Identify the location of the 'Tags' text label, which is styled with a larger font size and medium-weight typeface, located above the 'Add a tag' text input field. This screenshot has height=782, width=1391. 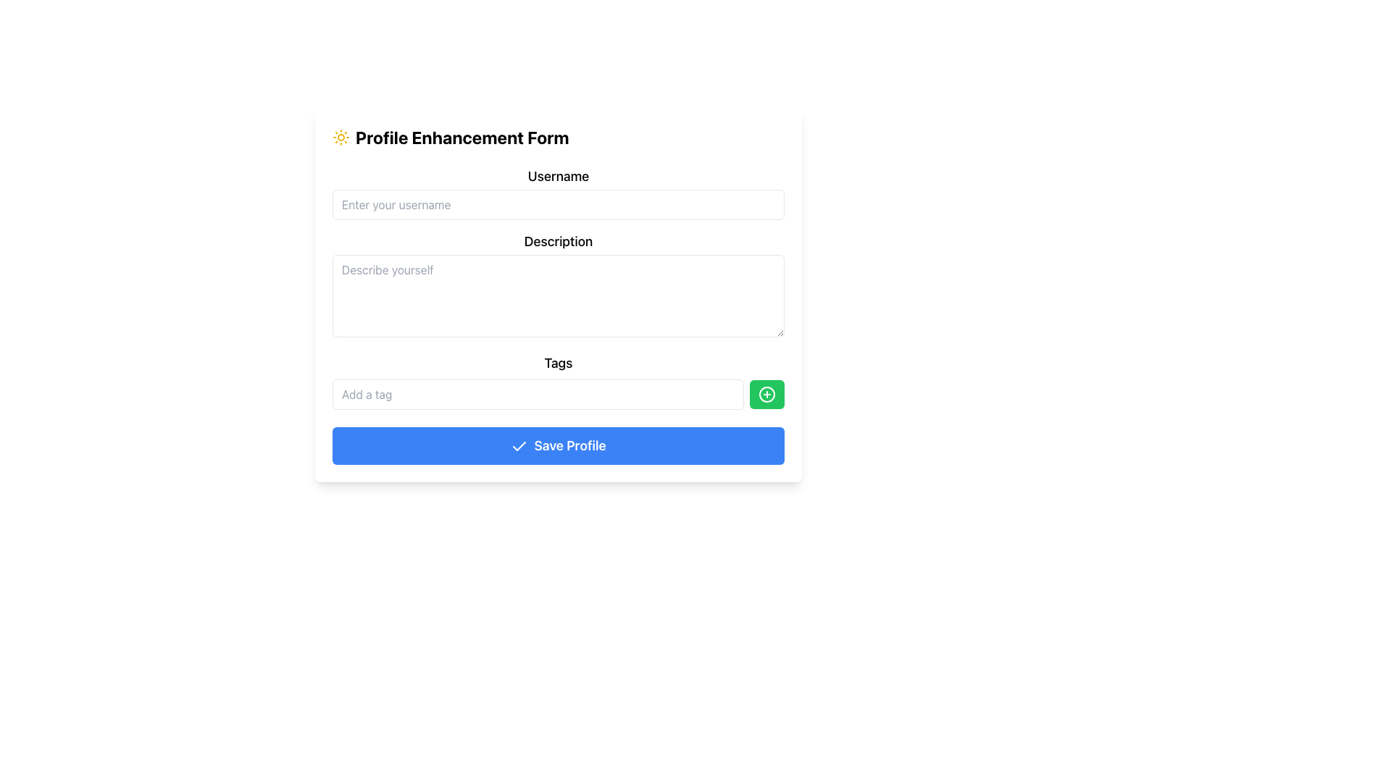
(558, 362).